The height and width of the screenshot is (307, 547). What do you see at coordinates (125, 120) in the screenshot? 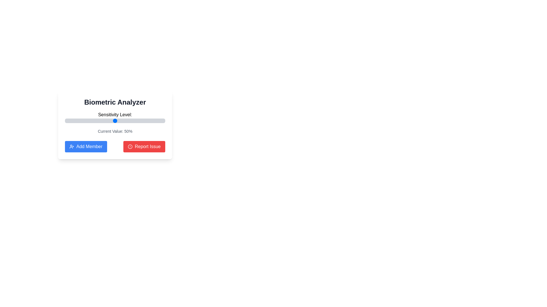
I see `the sensitivity level` at bounding box center [125, 120].